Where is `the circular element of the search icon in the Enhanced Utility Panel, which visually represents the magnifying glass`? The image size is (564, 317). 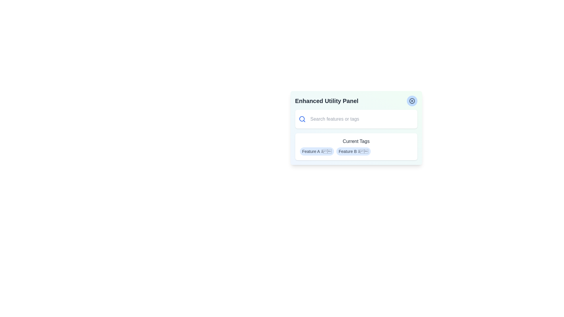 the circular element of the search icon in the Enhanced Utility Panel, which visually represents the magnifying glass is located at coordinates (302, 119).